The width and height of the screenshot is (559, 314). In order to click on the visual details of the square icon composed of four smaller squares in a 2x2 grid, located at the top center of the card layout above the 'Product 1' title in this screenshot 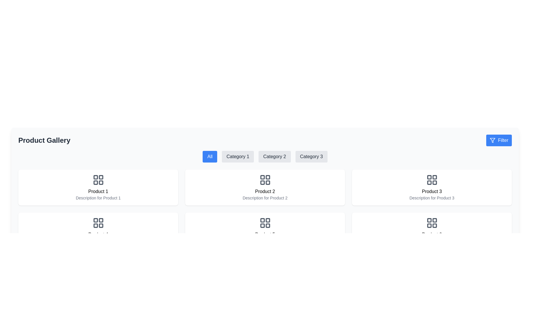, I will do `click(98, 179)`.